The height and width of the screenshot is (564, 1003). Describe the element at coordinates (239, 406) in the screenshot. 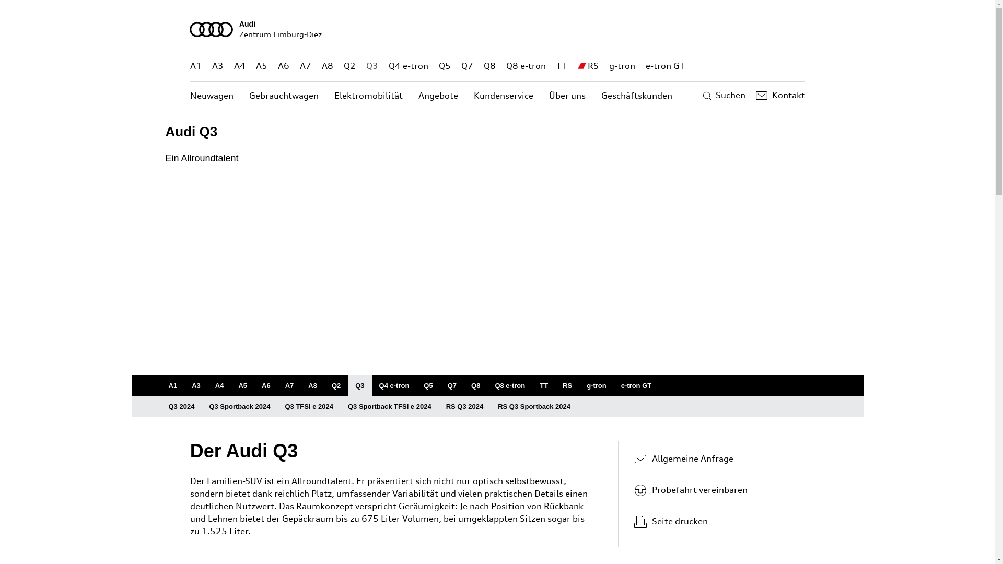

I see `'Q3 Sportback 2024'` at that location.